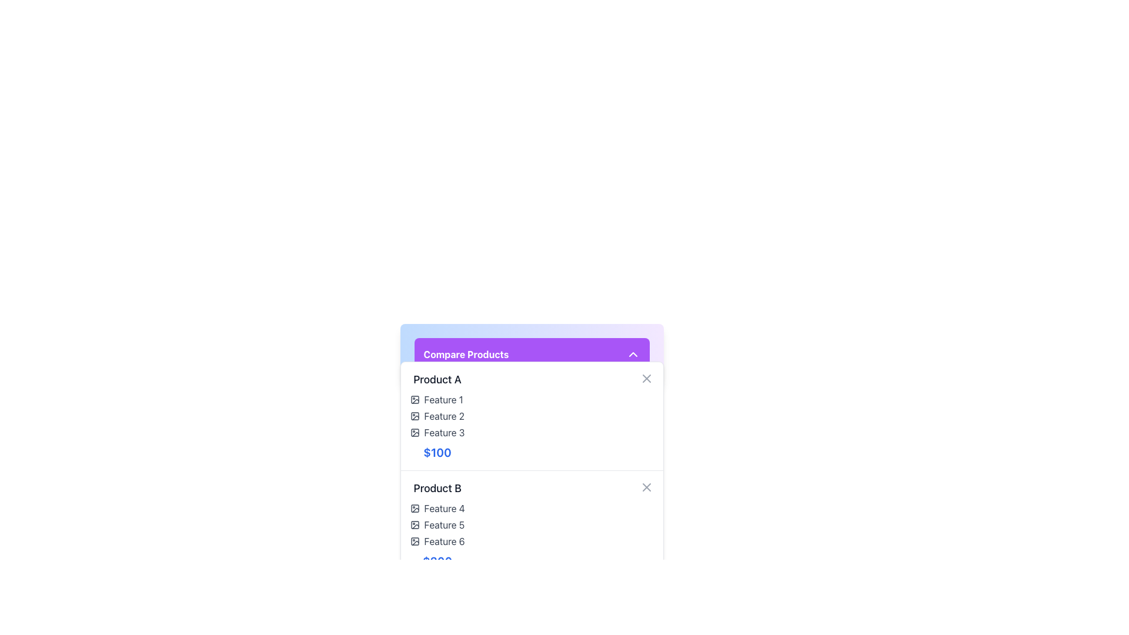 The image size is (1129, 635). Describe the element at coordinates (437, 379) in the screenshot. I see `text content of the header labeled 'Product A', which is prominently displayed in bold and larger font size within the 'Compare Products' panel` at that location.